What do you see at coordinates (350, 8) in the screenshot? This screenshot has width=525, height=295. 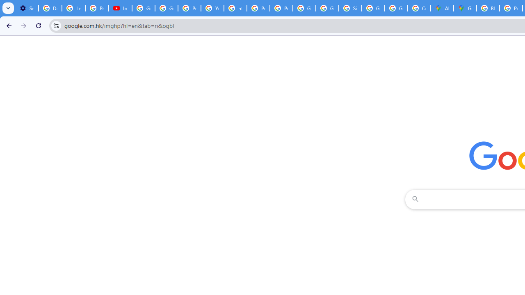 I see `'Sign in - Google Accounts'` at bounding box center [350, 8].